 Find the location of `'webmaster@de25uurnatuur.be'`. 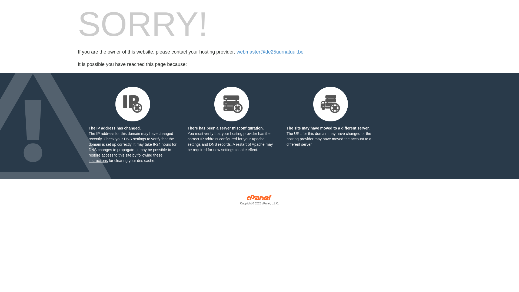

'webmaster@de25uurnatuur.be' is located at coordinates (270, 52).